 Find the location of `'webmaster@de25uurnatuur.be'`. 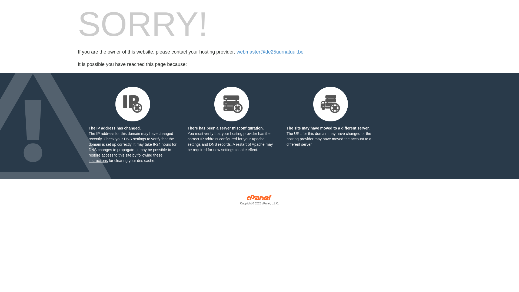

'webmaster@de25uurnatuur.be' is located at coordinates (270, 52).